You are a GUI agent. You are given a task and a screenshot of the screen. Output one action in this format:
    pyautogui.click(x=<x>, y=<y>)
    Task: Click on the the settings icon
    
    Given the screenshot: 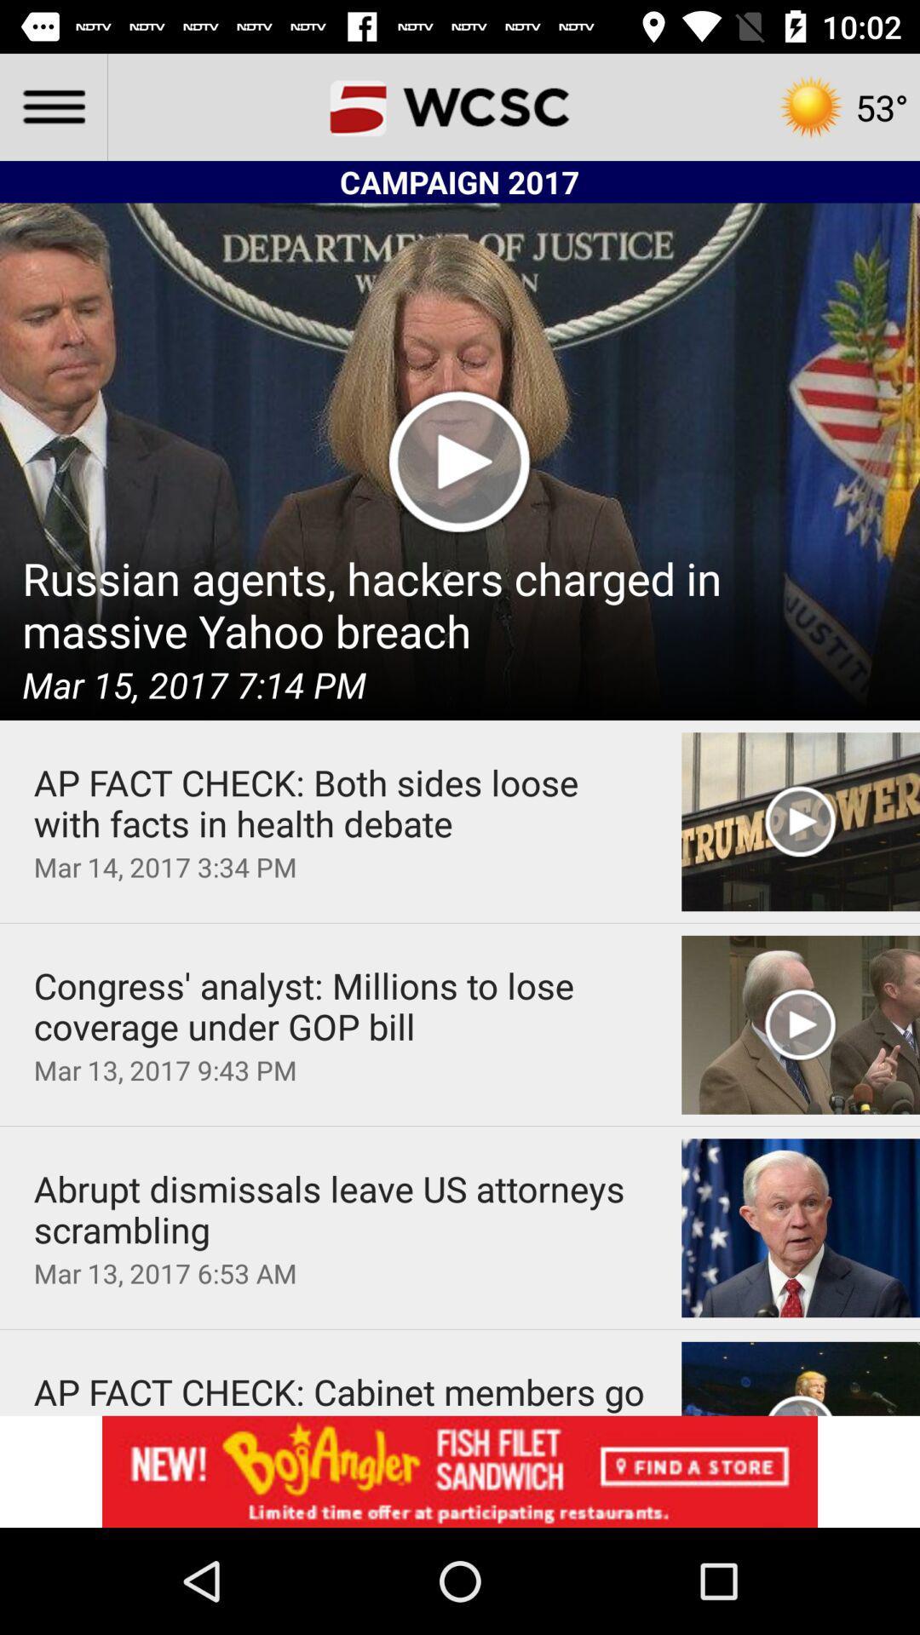 What is the action you would take?
    pyautogui.click(x=842, y=106)
    